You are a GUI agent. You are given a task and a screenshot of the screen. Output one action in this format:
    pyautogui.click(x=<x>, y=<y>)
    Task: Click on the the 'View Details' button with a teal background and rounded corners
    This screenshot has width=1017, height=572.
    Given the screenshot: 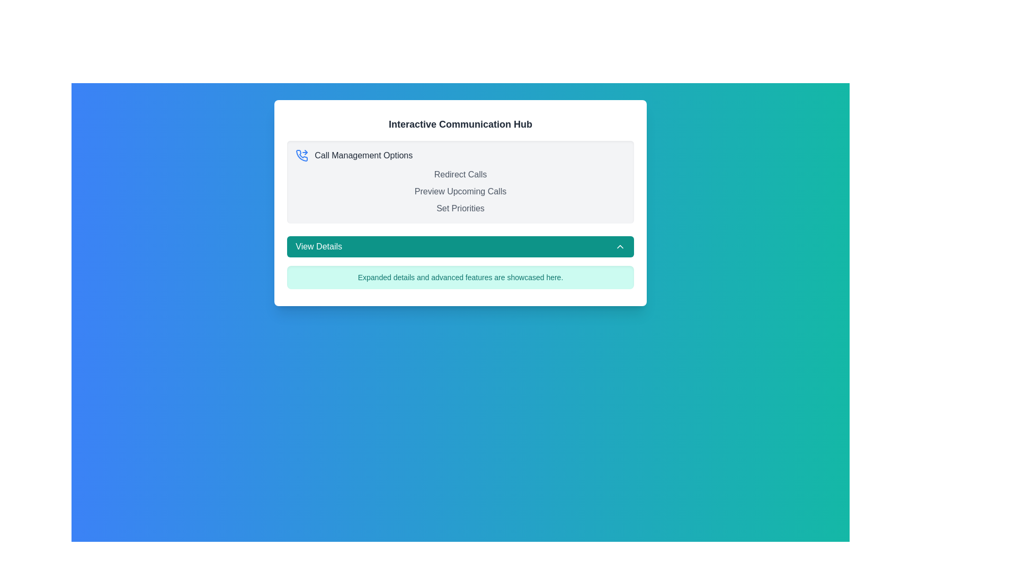 What is the action you would take?
    pyautogui.click(x=460, y=247)
    